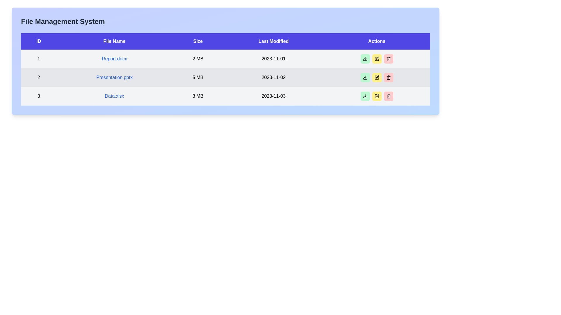  I want to click on the edit icon button in the 'Actions' column of the second row, so click(377, 77).